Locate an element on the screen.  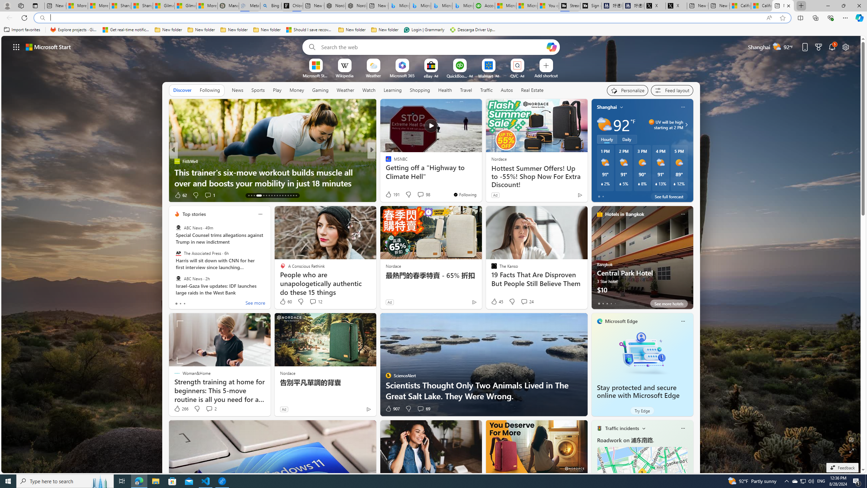
'Hourly' is located at coordinates (607, 139).